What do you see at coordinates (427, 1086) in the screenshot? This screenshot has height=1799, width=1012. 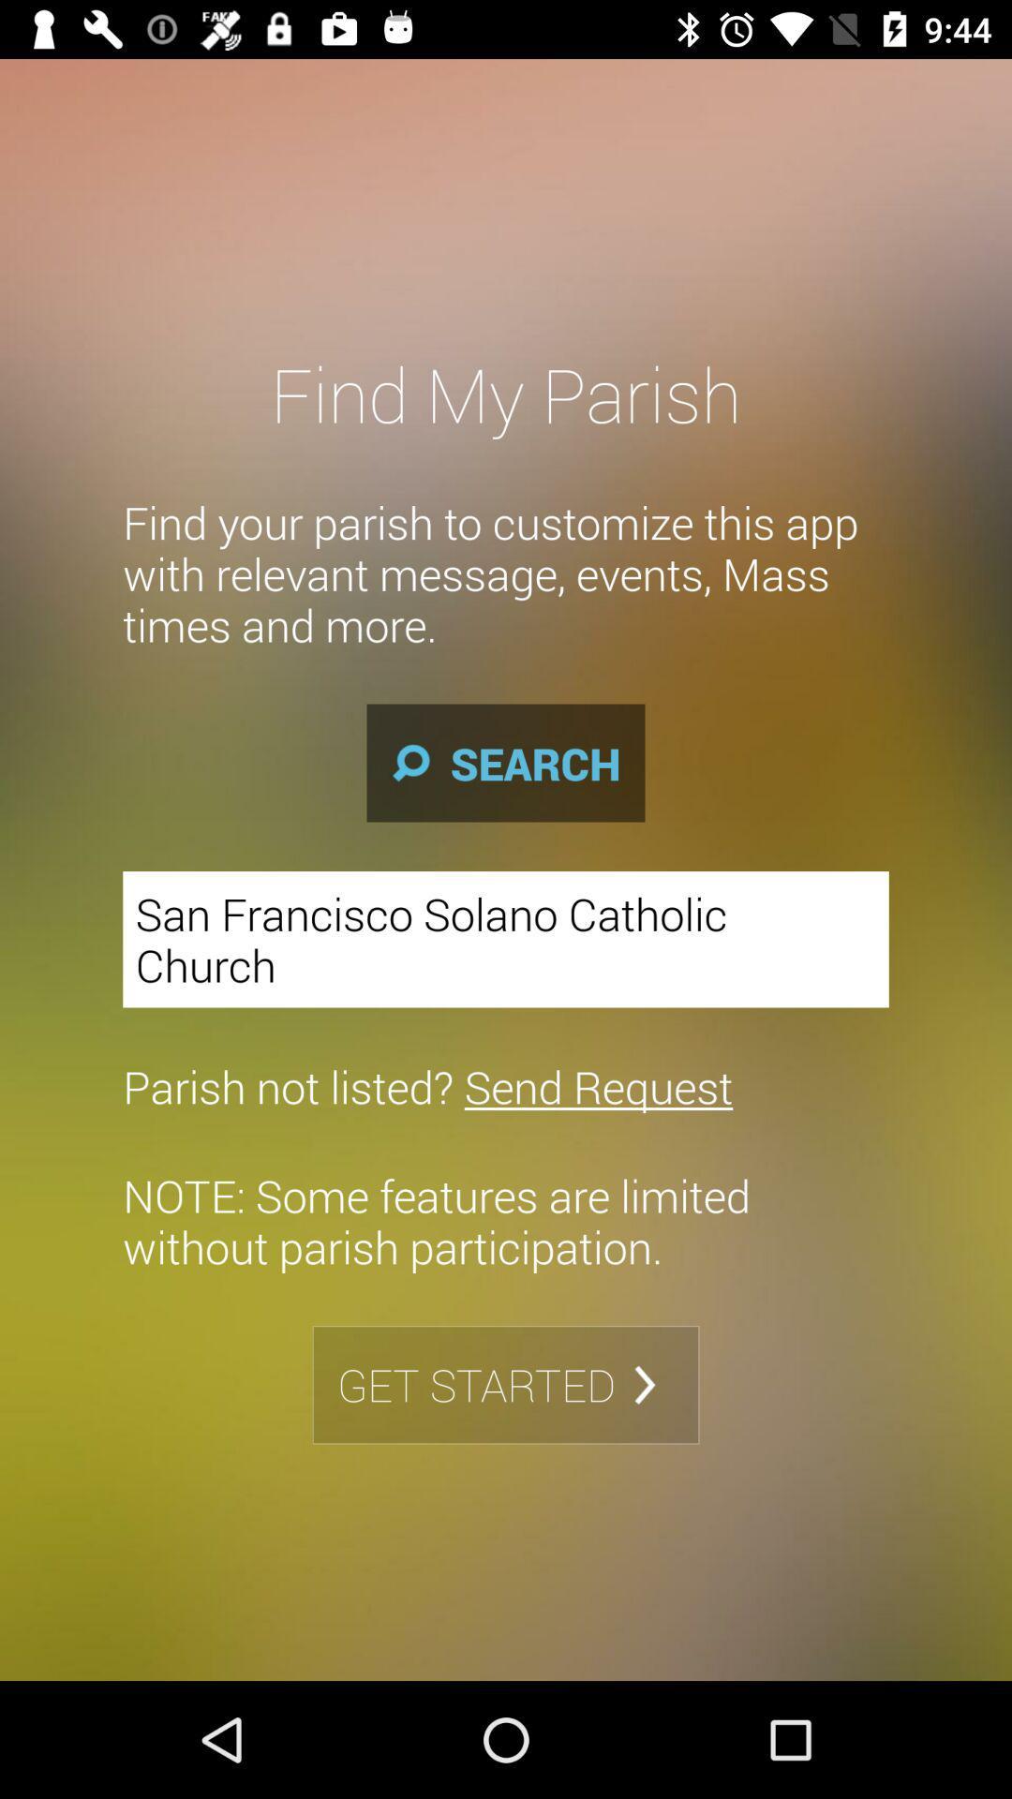 I see `item above note some features` at bounding box center [427, 1086].